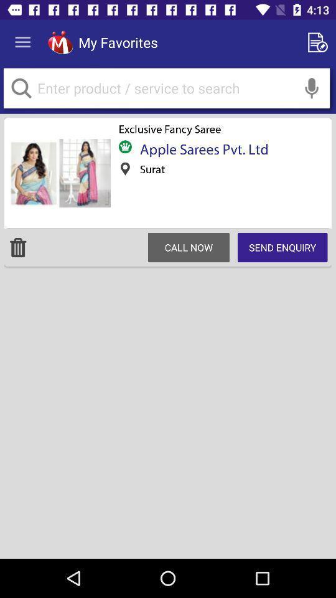 The height and width of the screenshot is (598, 336). I want to click on search button, so click(166, 87).